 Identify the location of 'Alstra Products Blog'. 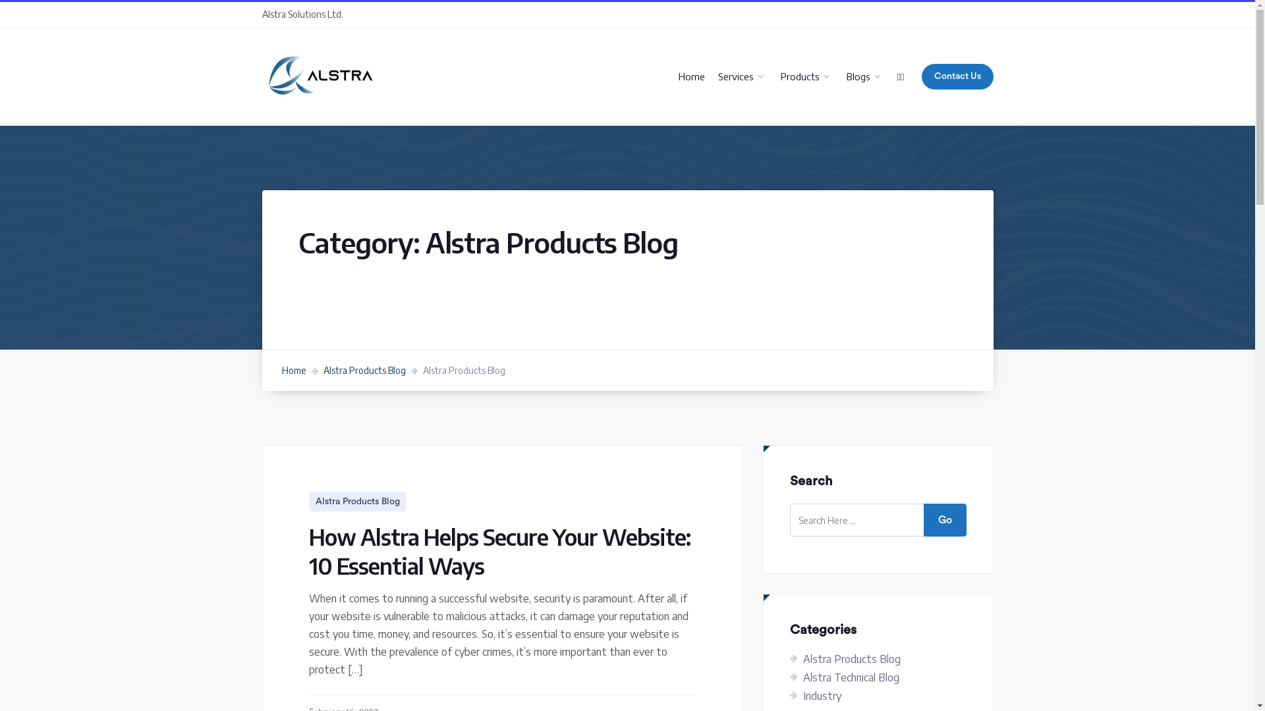
(322, 370).